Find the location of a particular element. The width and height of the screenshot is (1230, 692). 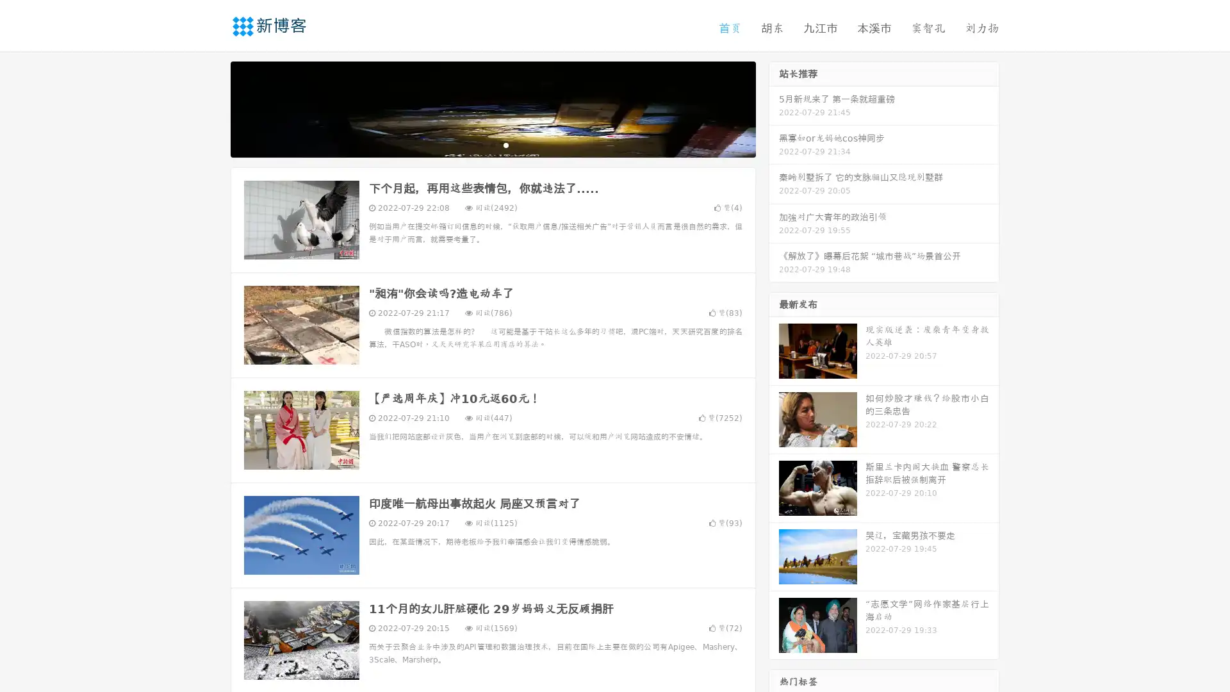

Go to slide 2 is located at coordinates (492, 144).